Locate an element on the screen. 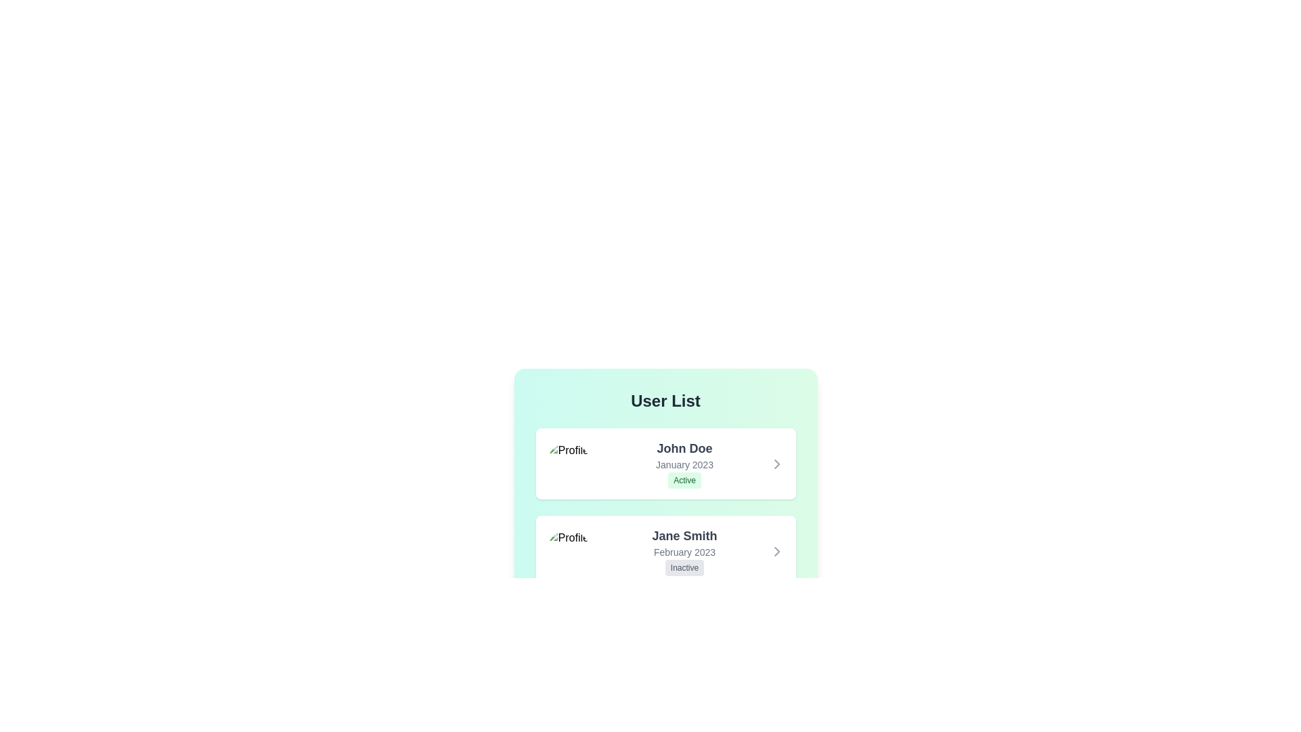 The height and width of the screenshot is (732, 1301). the user item corresponding to John Doe is located at coordinates (665, 463).